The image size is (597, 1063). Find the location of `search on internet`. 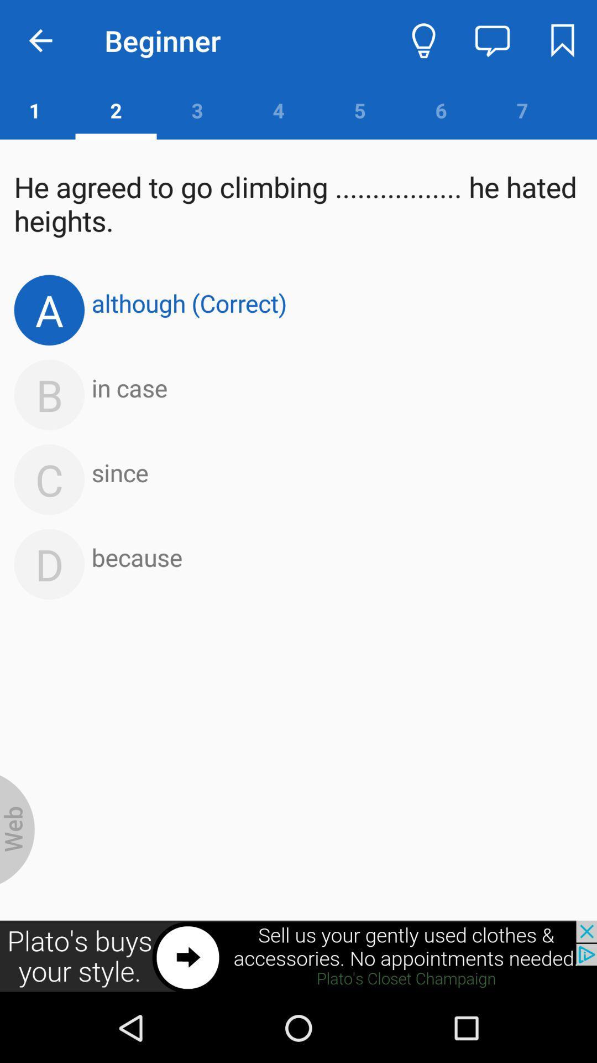

search on internet is located at coordinates (17, 829).